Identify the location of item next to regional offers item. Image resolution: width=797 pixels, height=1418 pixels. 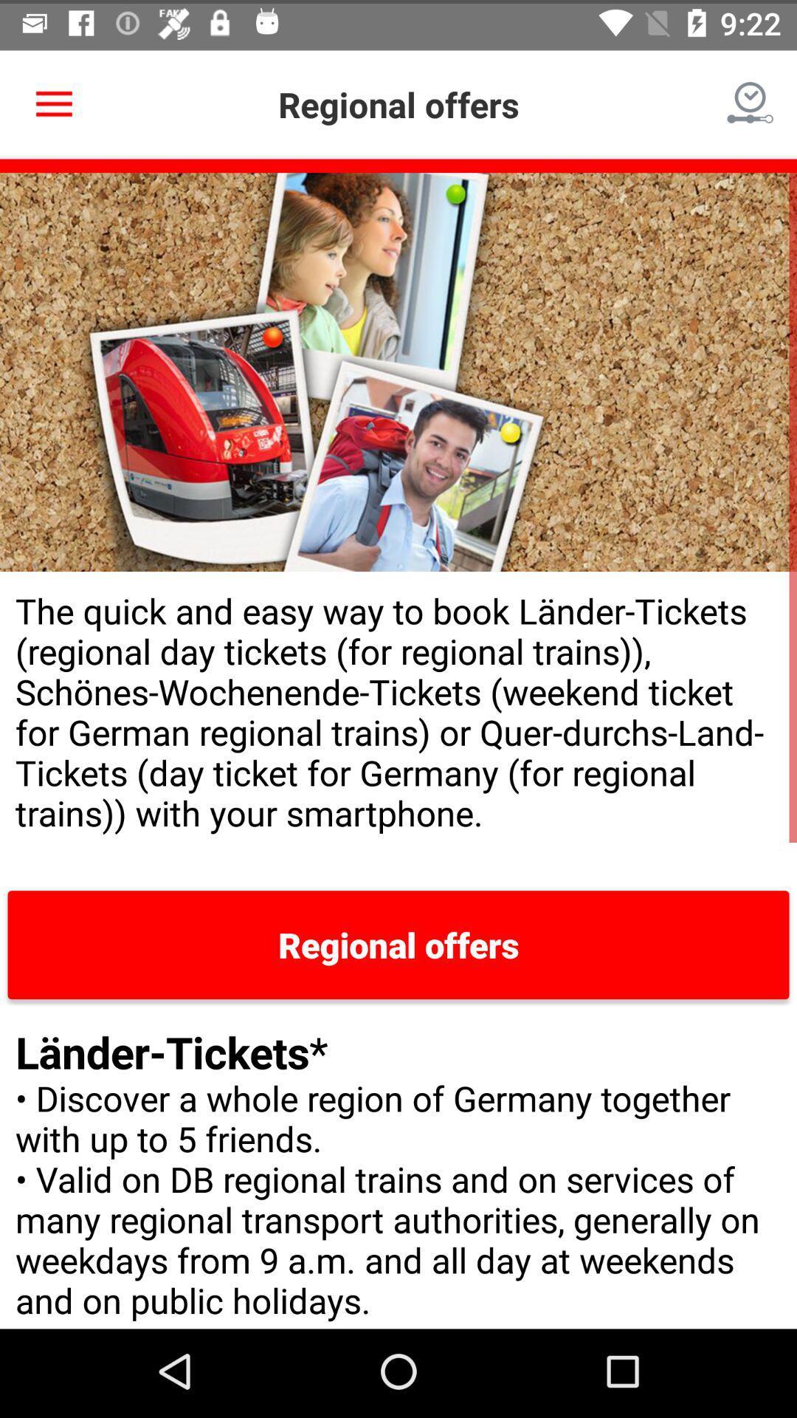
(751, 100).